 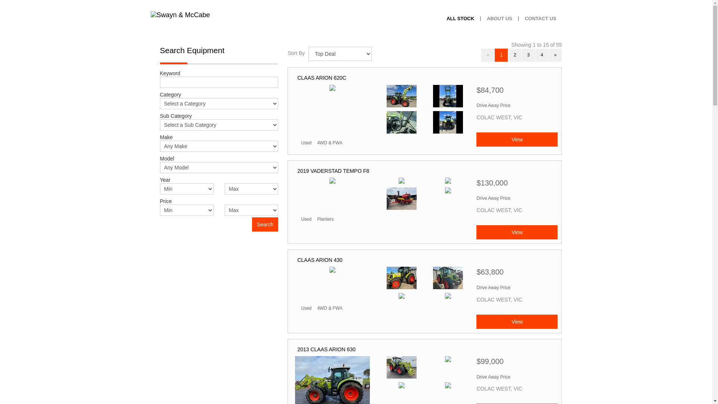 What do you see at coordinates (265, 224) in the screenshot?
I see `'Search'` at bounding box center [265, 224].